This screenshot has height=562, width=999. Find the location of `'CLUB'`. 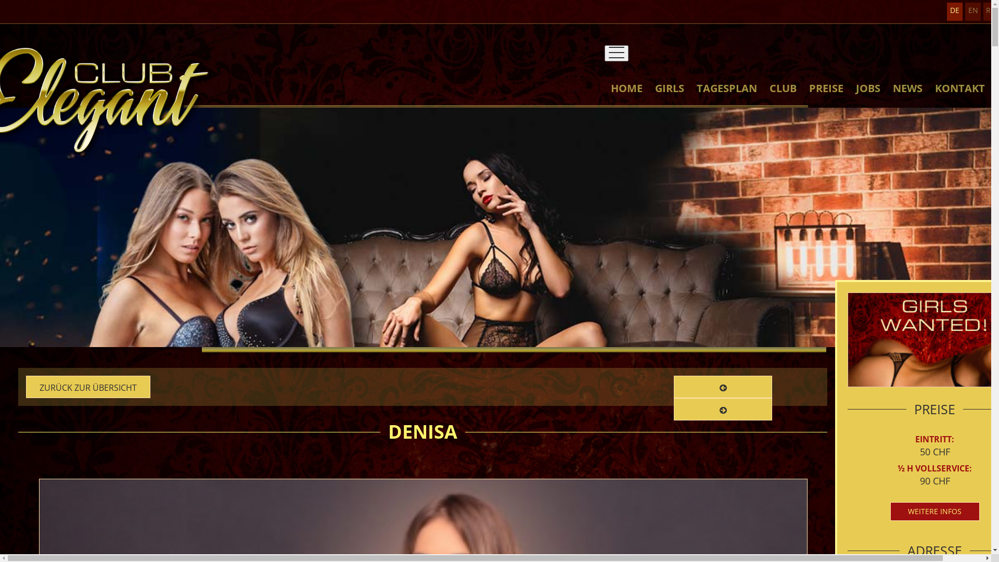

'CLUB' is located at coordinates (783, 98).